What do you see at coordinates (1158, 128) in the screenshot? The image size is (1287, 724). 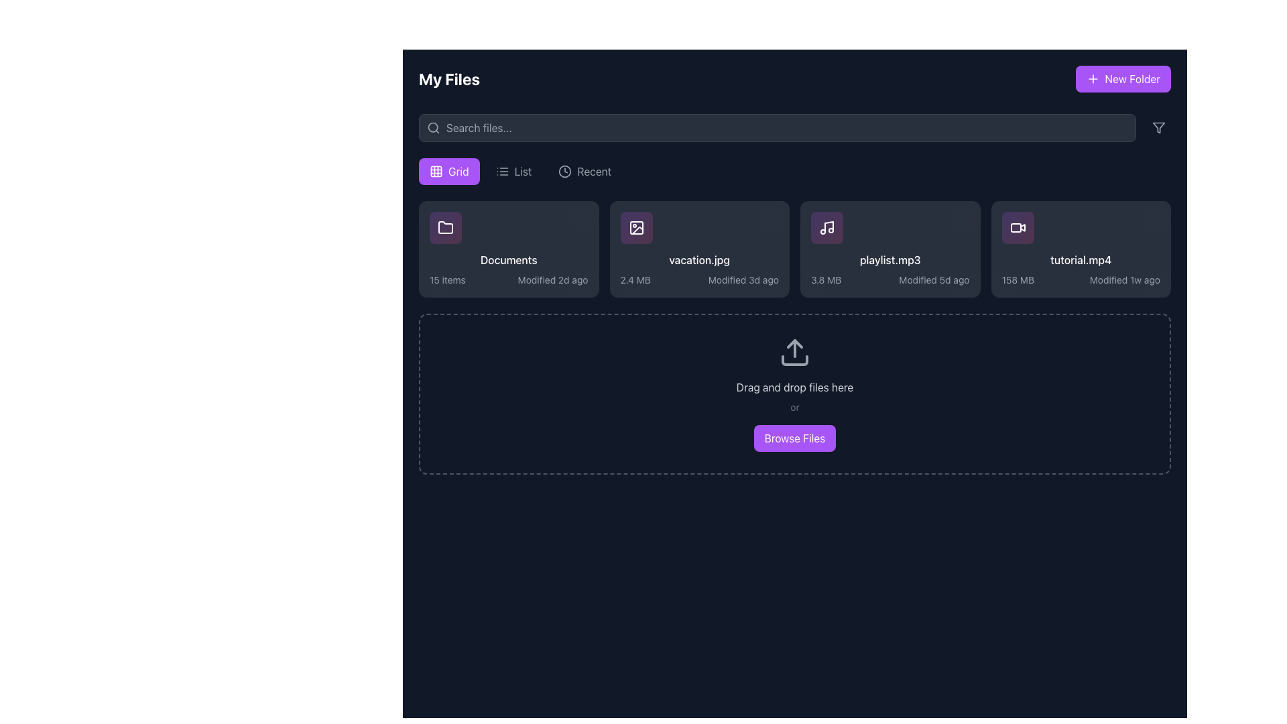 I see `the filter icon located at the top-right corner of the interface` at bounding box center [1158, 128].